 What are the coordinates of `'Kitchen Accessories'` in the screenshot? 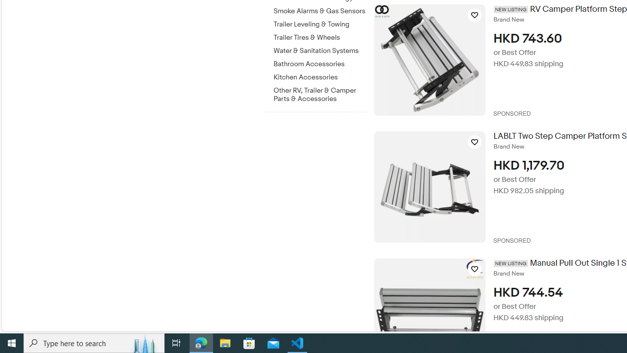 It's located at (320, 77).